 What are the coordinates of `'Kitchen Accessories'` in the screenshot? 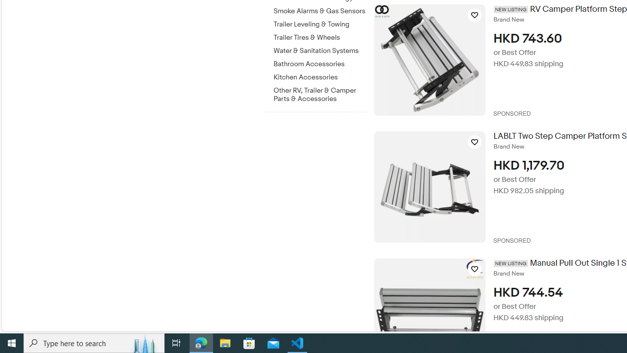 It's located at (320, 77).